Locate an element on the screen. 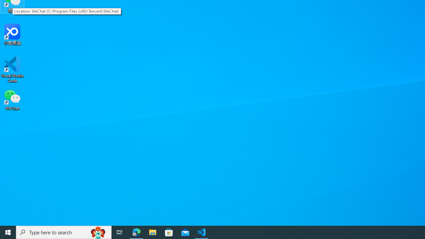 This screenshot has height=239, width=425. 'Microsoft Edge - 1 running window' is located at coordinates (136, 232).